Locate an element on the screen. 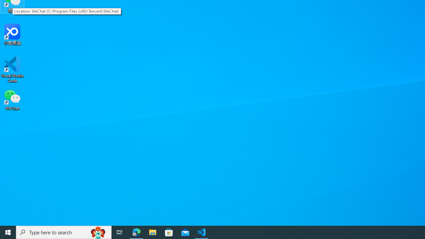 This screenshot has height=239, width=425. 'Microsoft Edge - 1 running window' is located at coordinates (136, 232).